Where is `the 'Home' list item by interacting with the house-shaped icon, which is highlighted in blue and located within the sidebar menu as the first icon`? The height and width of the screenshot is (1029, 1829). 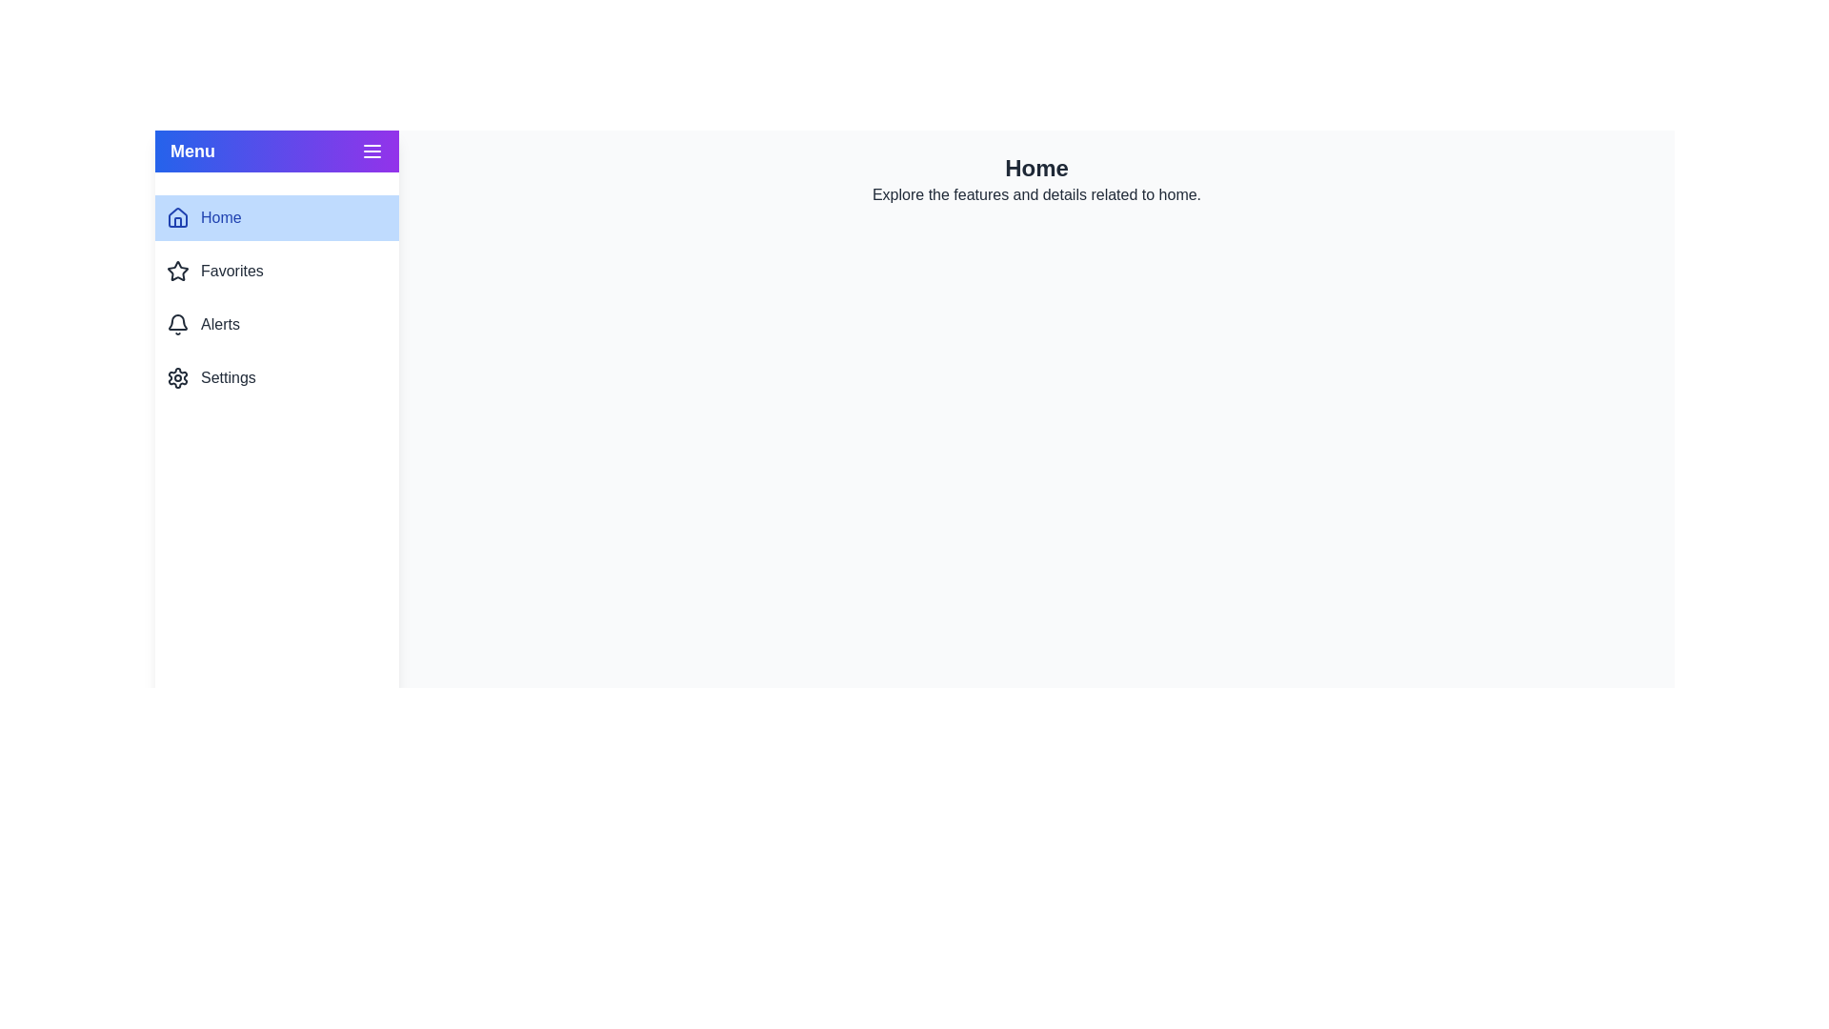
the 'Home' list item by interacting with the house-shaped icon, which is highlighted in blue and located within the sidebar menu as the first icon is located at coordinates (178, 216).